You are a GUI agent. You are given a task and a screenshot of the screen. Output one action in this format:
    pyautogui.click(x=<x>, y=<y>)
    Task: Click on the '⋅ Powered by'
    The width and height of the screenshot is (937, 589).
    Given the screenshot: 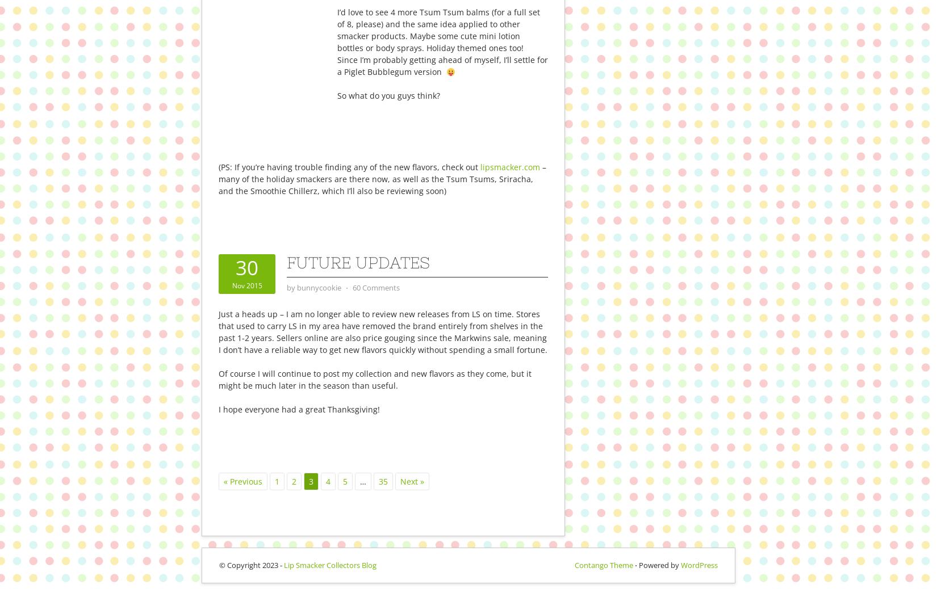 What is the action you would take?
    pyautogui.click(x=656, y=565)
    